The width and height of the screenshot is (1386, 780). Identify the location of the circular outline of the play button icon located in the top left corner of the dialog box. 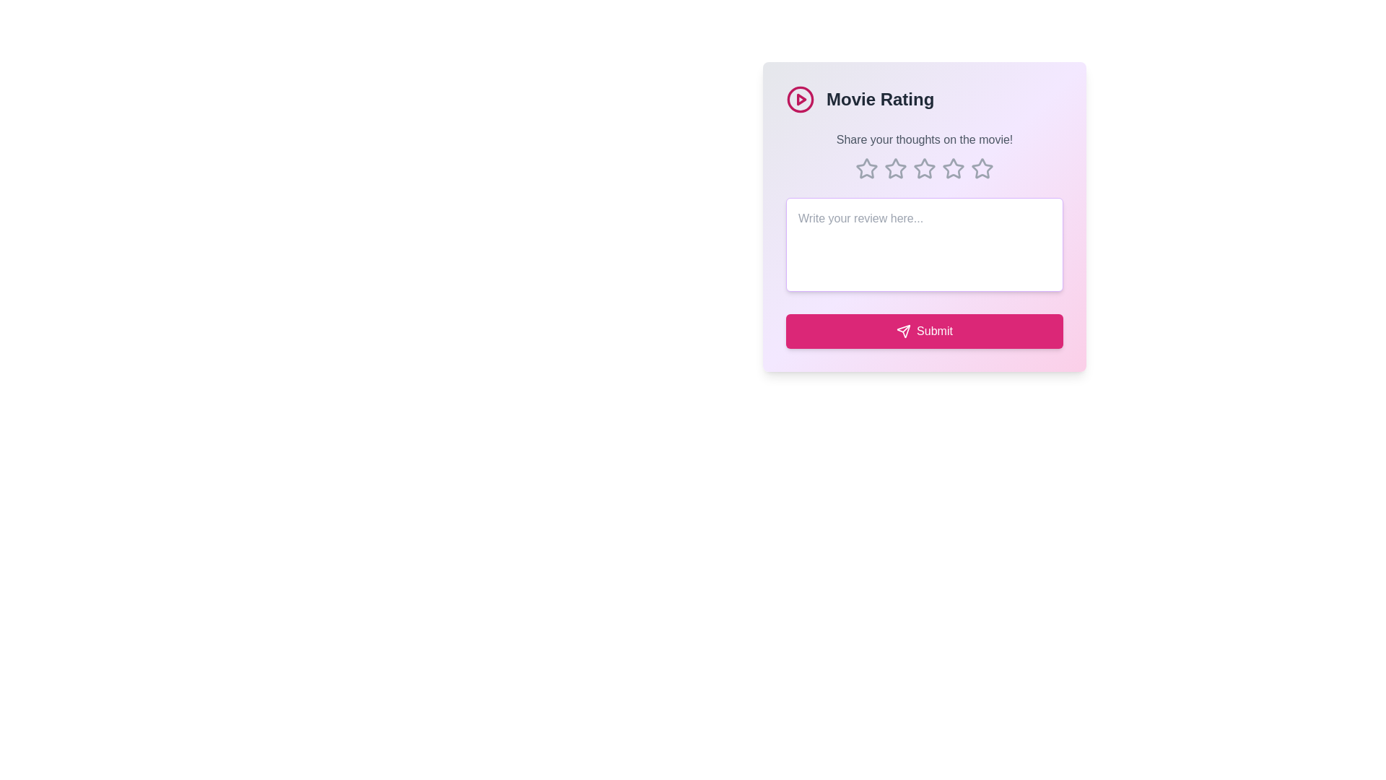
(799, 99).